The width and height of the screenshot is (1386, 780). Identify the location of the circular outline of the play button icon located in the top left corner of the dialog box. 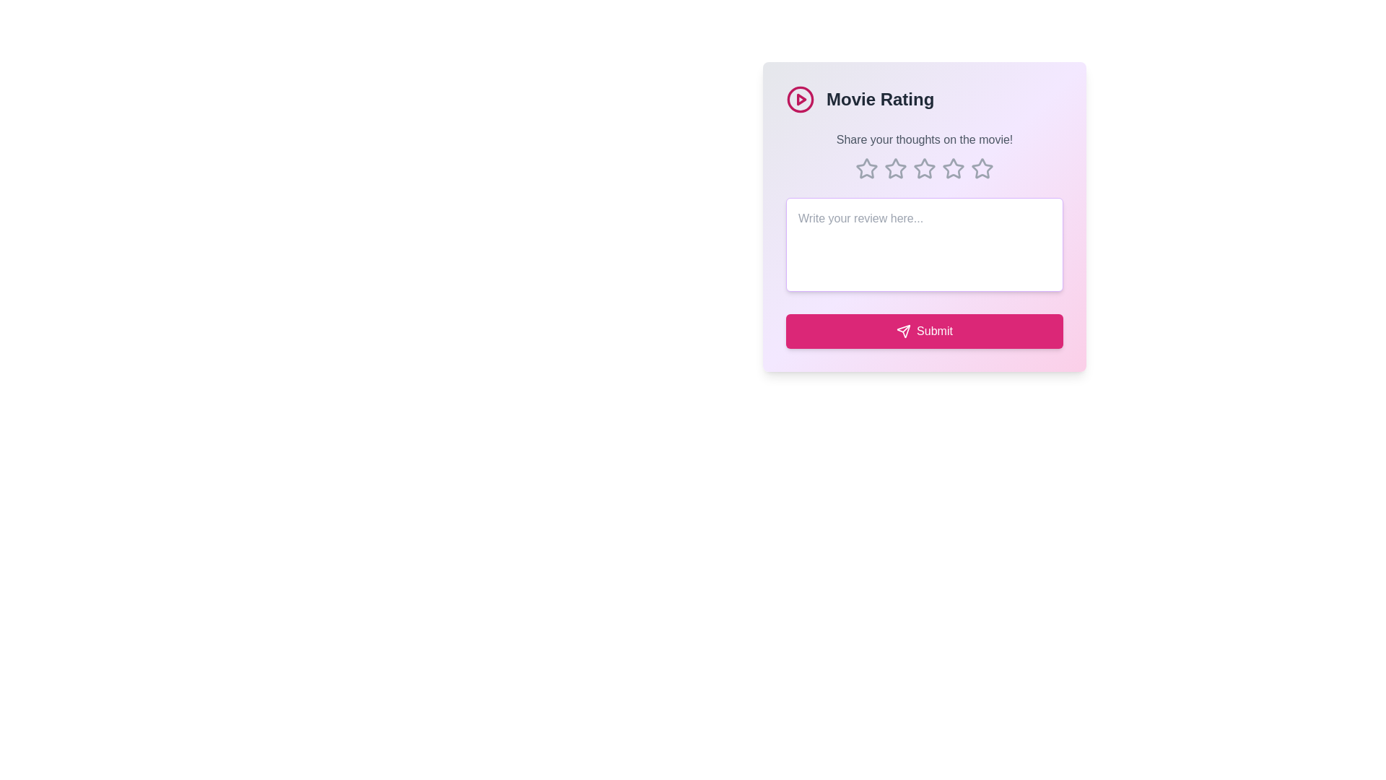
(799, 99).